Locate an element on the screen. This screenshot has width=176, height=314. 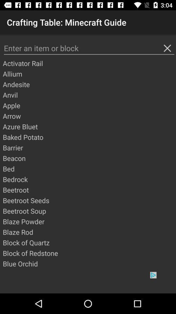
clear text is located at coordinates (167, 48).